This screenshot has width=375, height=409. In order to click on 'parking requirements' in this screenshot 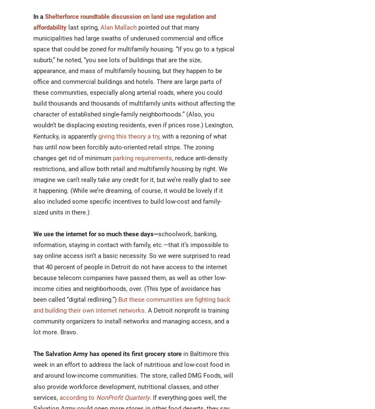, I will do `click(142, 157)`.